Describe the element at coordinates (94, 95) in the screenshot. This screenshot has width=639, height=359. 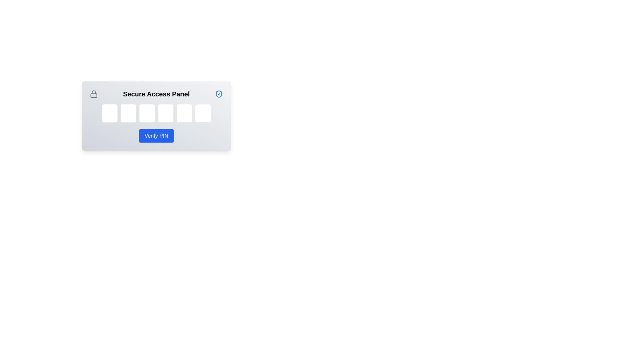
I see `the rectangular base of the lock icon, which is part of the decorative lock icon indicating security for the Secure Access Panel interface` at that location.